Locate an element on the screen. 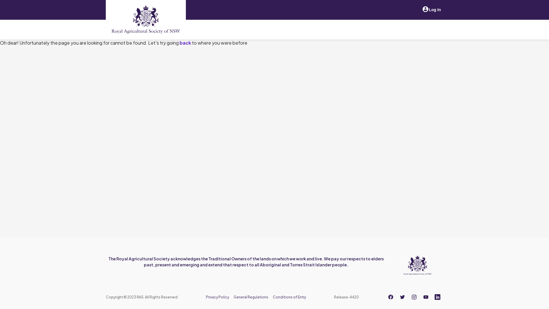 This screenshot has width=549, height=309. 'Privacy Policy' is located at coordinates (217, 297).